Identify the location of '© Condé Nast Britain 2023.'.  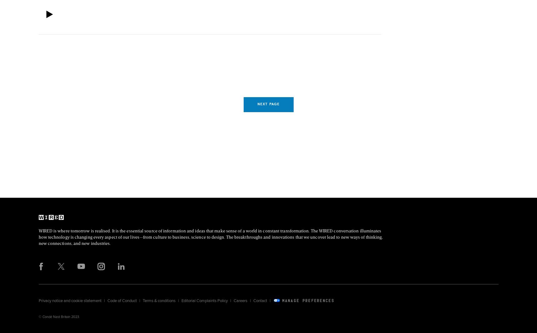
(58, 316).